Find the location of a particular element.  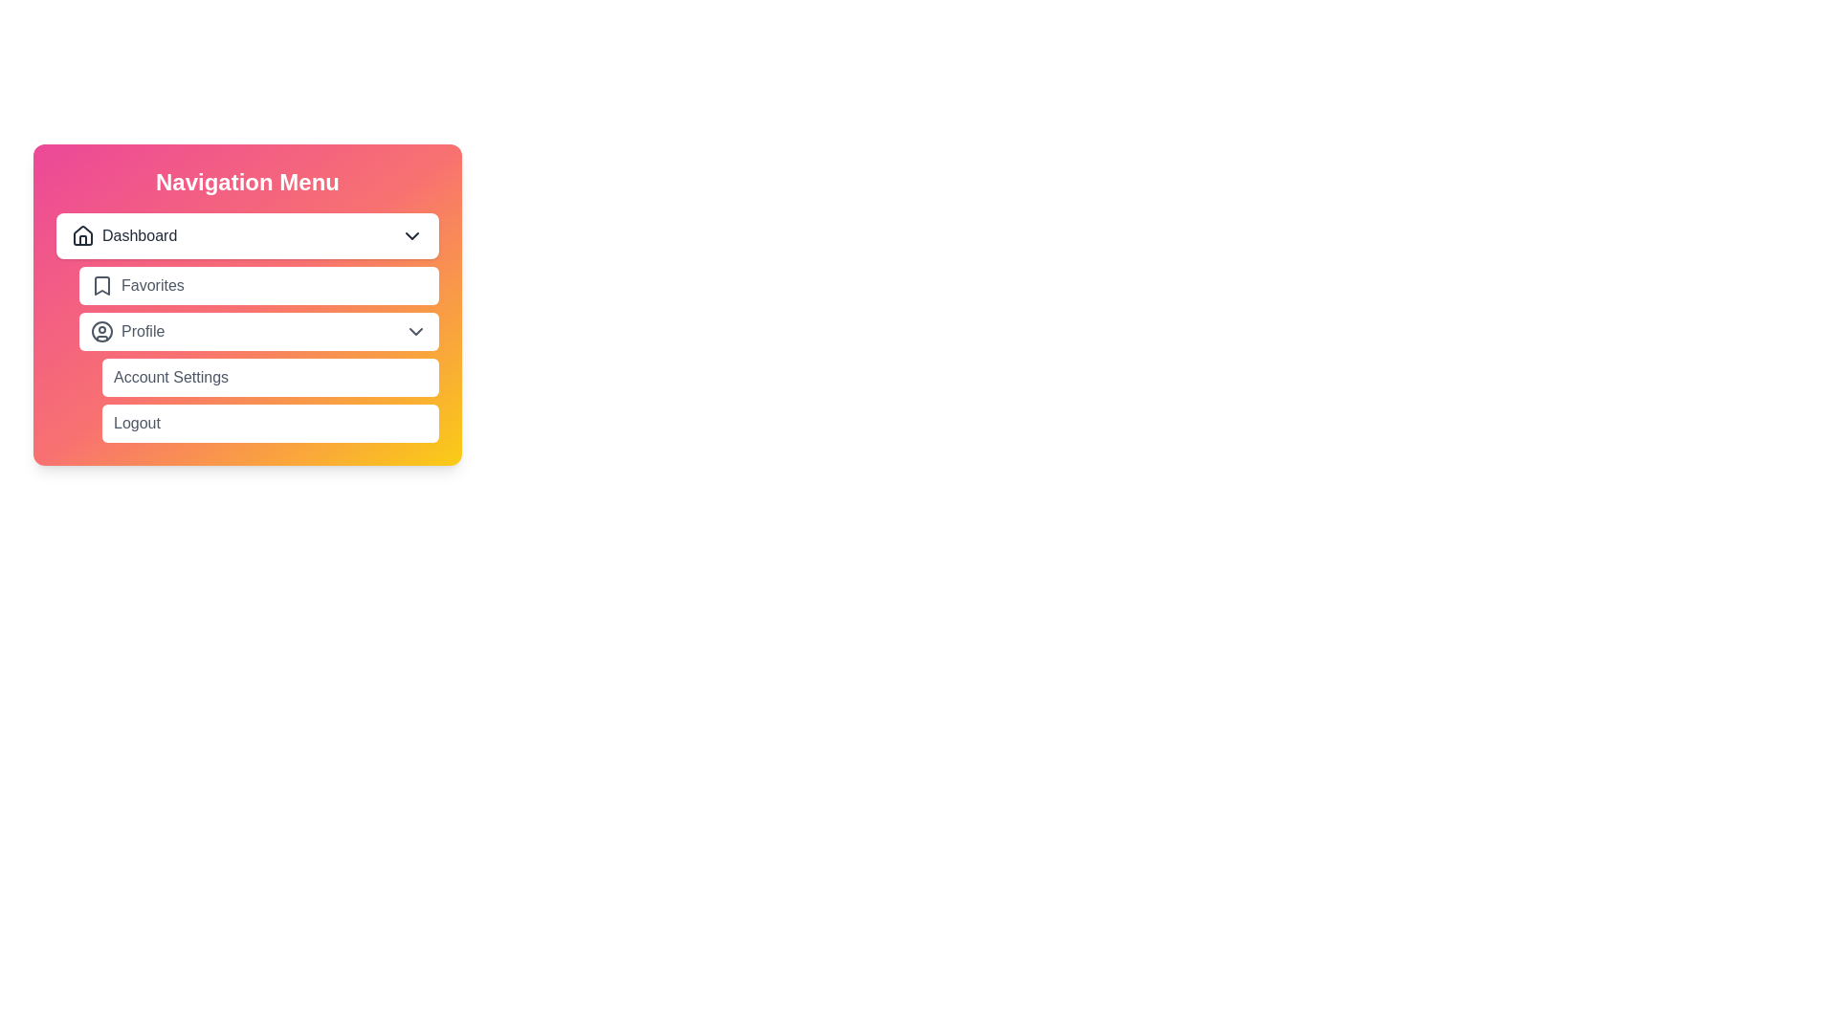

the 'Dashboard' text label accompanied by a house icon at the top of the vertical navigation menu is located at coordinates (123, 234).